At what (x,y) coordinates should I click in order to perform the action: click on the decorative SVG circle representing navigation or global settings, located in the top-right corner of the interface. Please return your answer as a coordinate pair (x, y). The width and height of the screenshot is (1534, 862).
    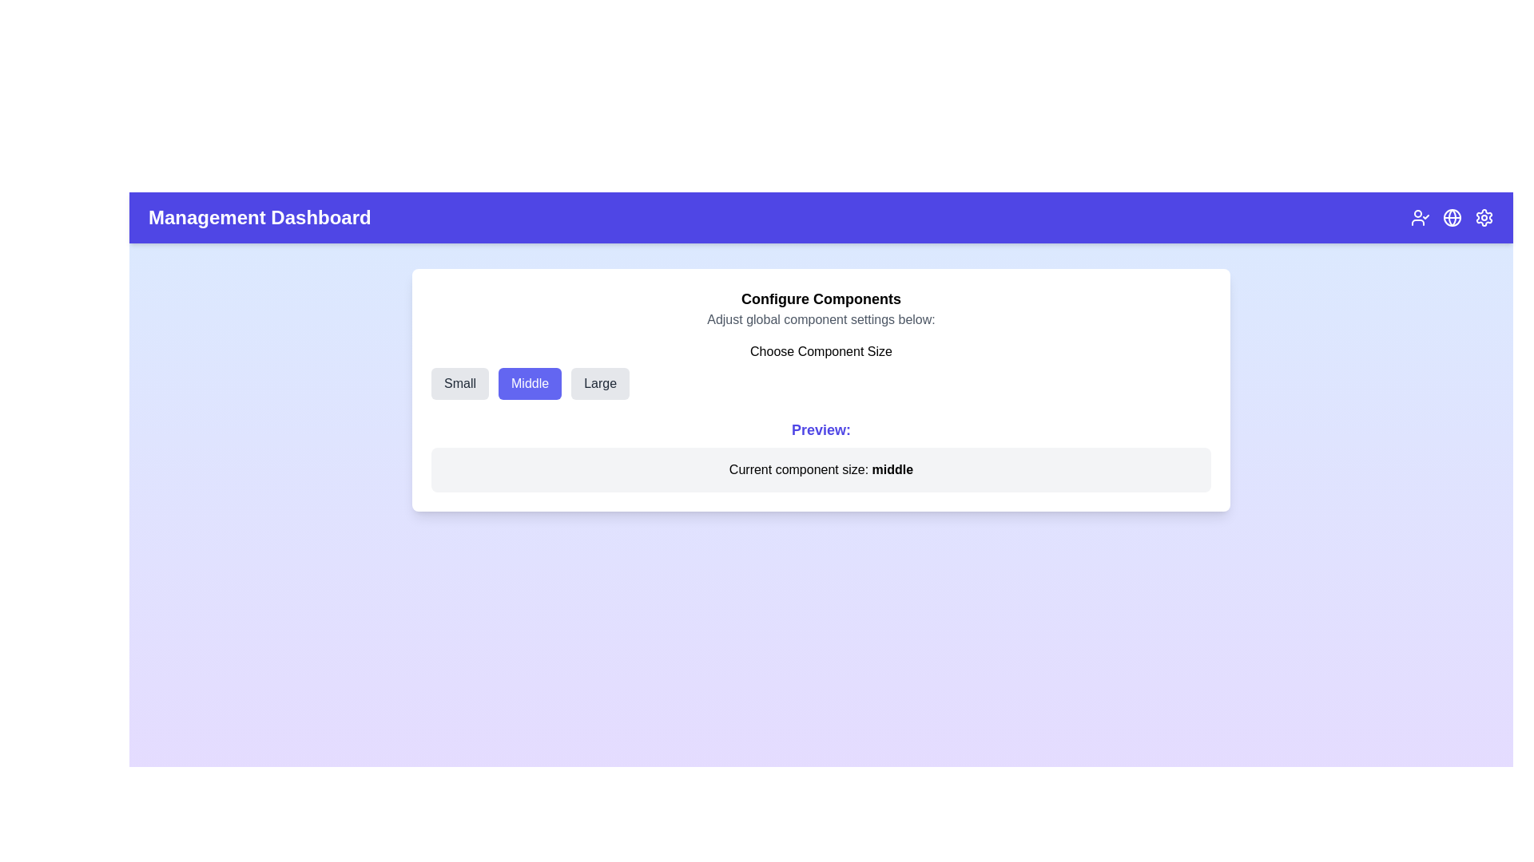
    Looking at the image, I should click on (1453, 218).